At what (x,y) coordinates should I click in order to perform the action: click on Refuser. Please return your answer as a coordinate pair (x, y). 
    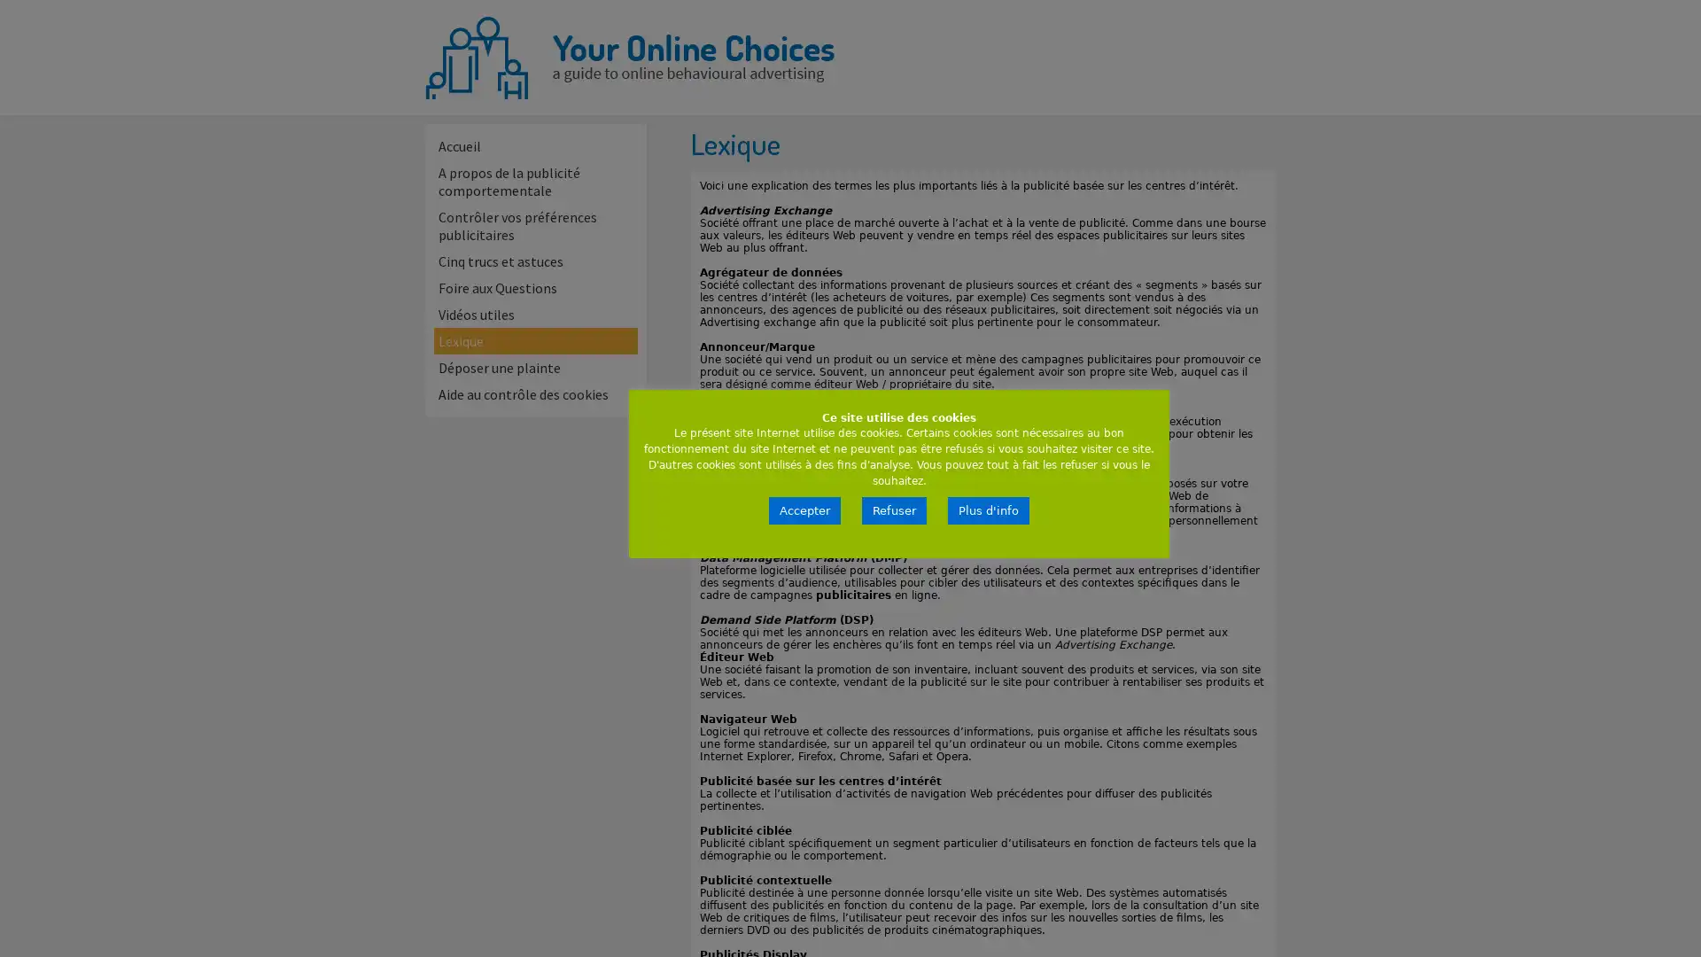
    Looking at the image, I should click on (894, 510).